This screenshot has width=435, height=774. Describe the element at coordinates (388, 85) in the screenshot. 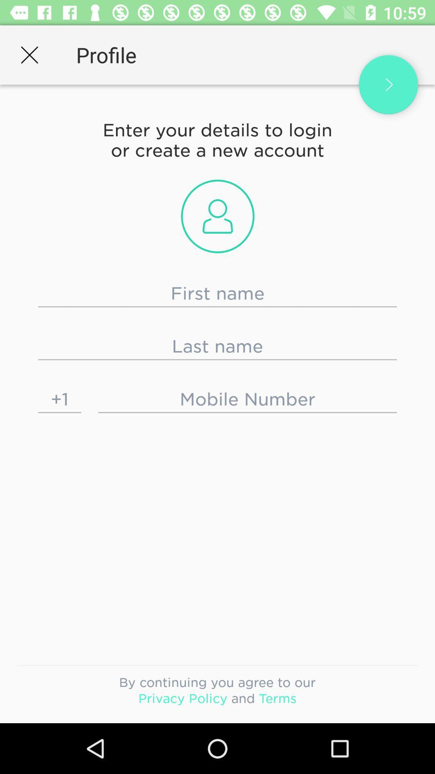

I see `login button` at that location.